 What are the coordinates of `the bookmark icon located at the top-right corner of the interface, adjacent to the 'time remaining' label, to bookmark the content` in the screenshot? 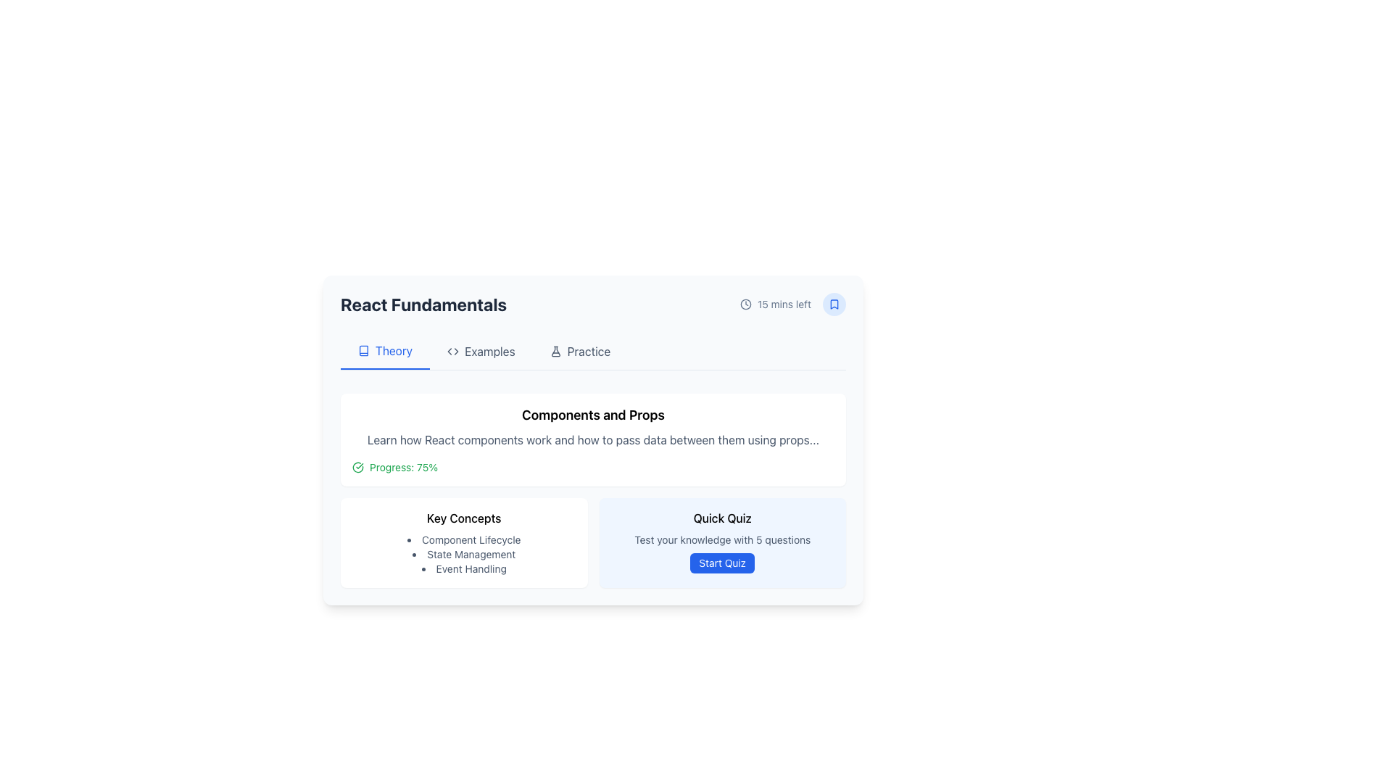 It's located at (834, 304).